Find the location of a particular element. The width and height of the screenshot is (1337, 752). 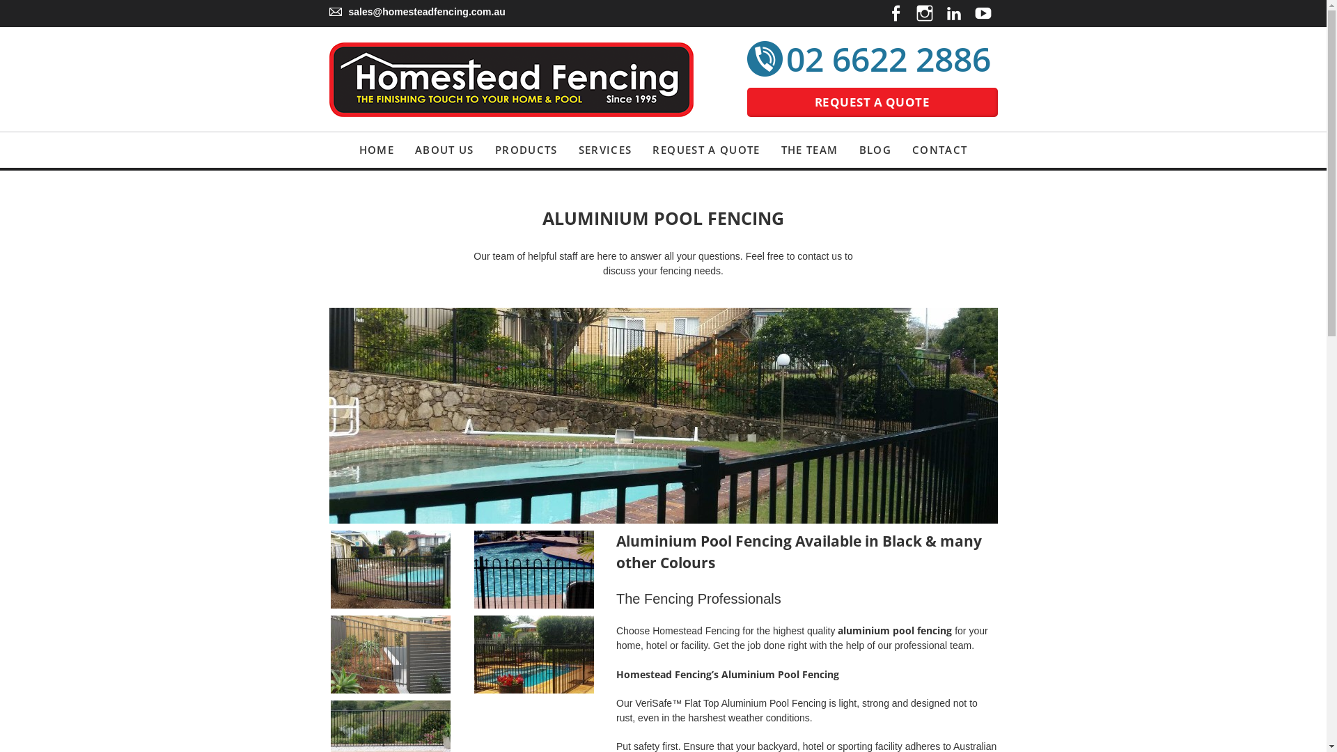

'02 6622 2886' is located at coordinates (887, 58).